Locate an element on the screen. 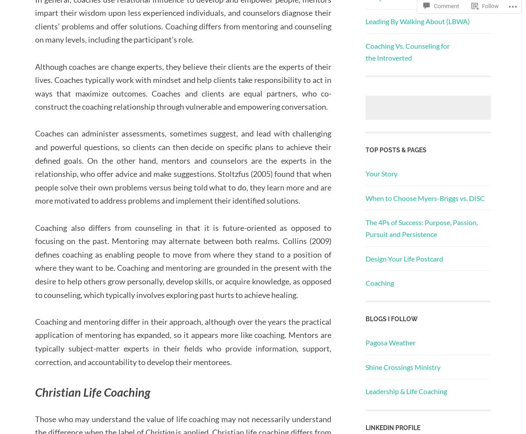 The image size is (526, 434). 'Your Story' is located at coordinates (381, 173).